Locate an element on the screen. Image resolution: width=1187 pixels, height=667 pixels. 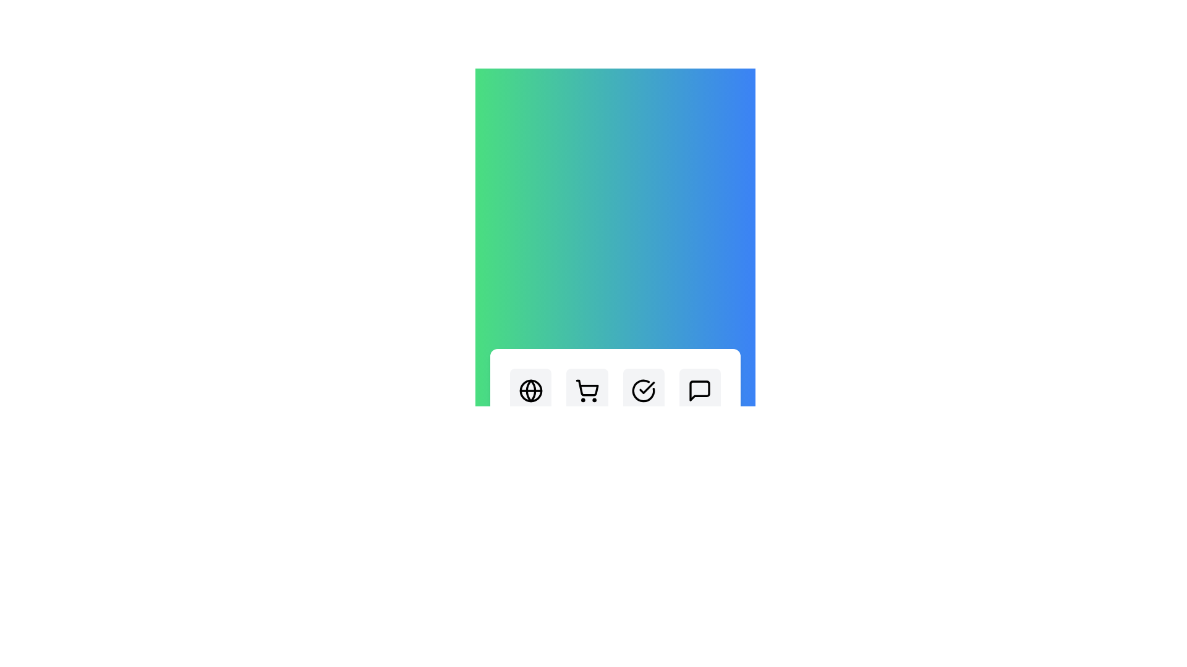
the globe icon with a minimalistic black stroke in the navigation menu is located at coordinates (530, 390).